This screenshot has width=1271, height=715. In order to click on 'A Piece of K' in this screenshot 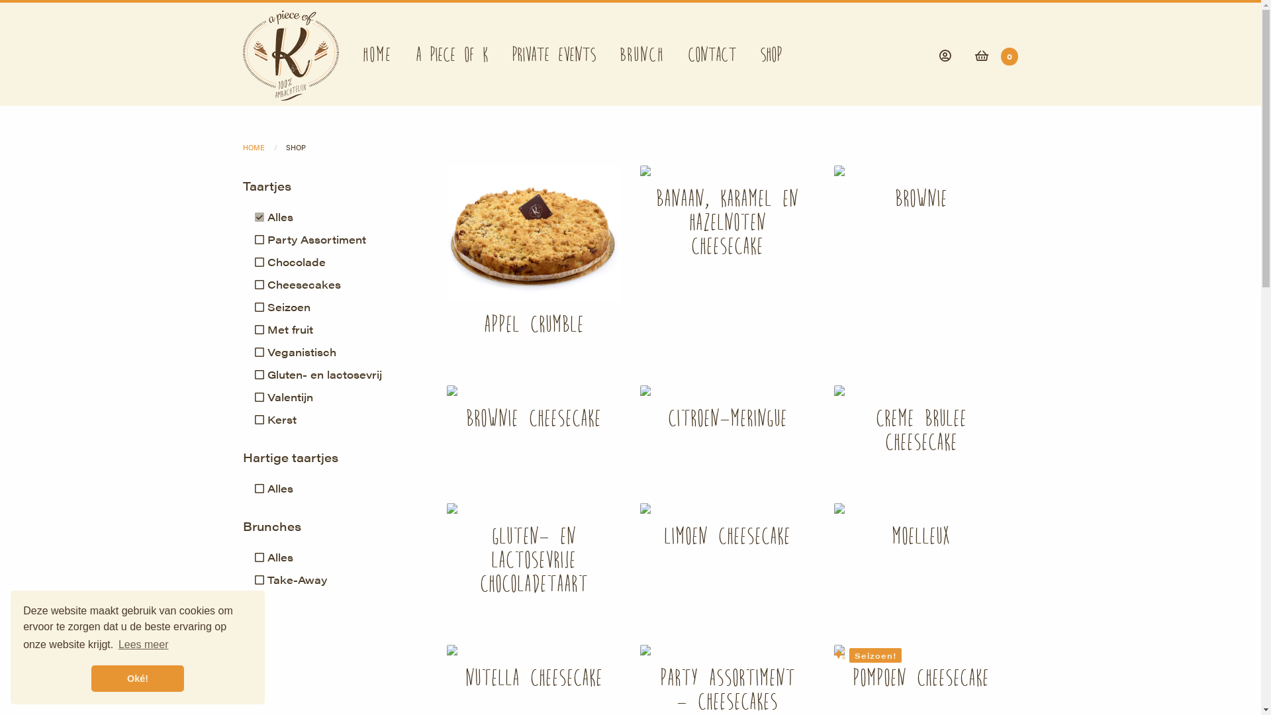, I will do `click(402, 55)`.